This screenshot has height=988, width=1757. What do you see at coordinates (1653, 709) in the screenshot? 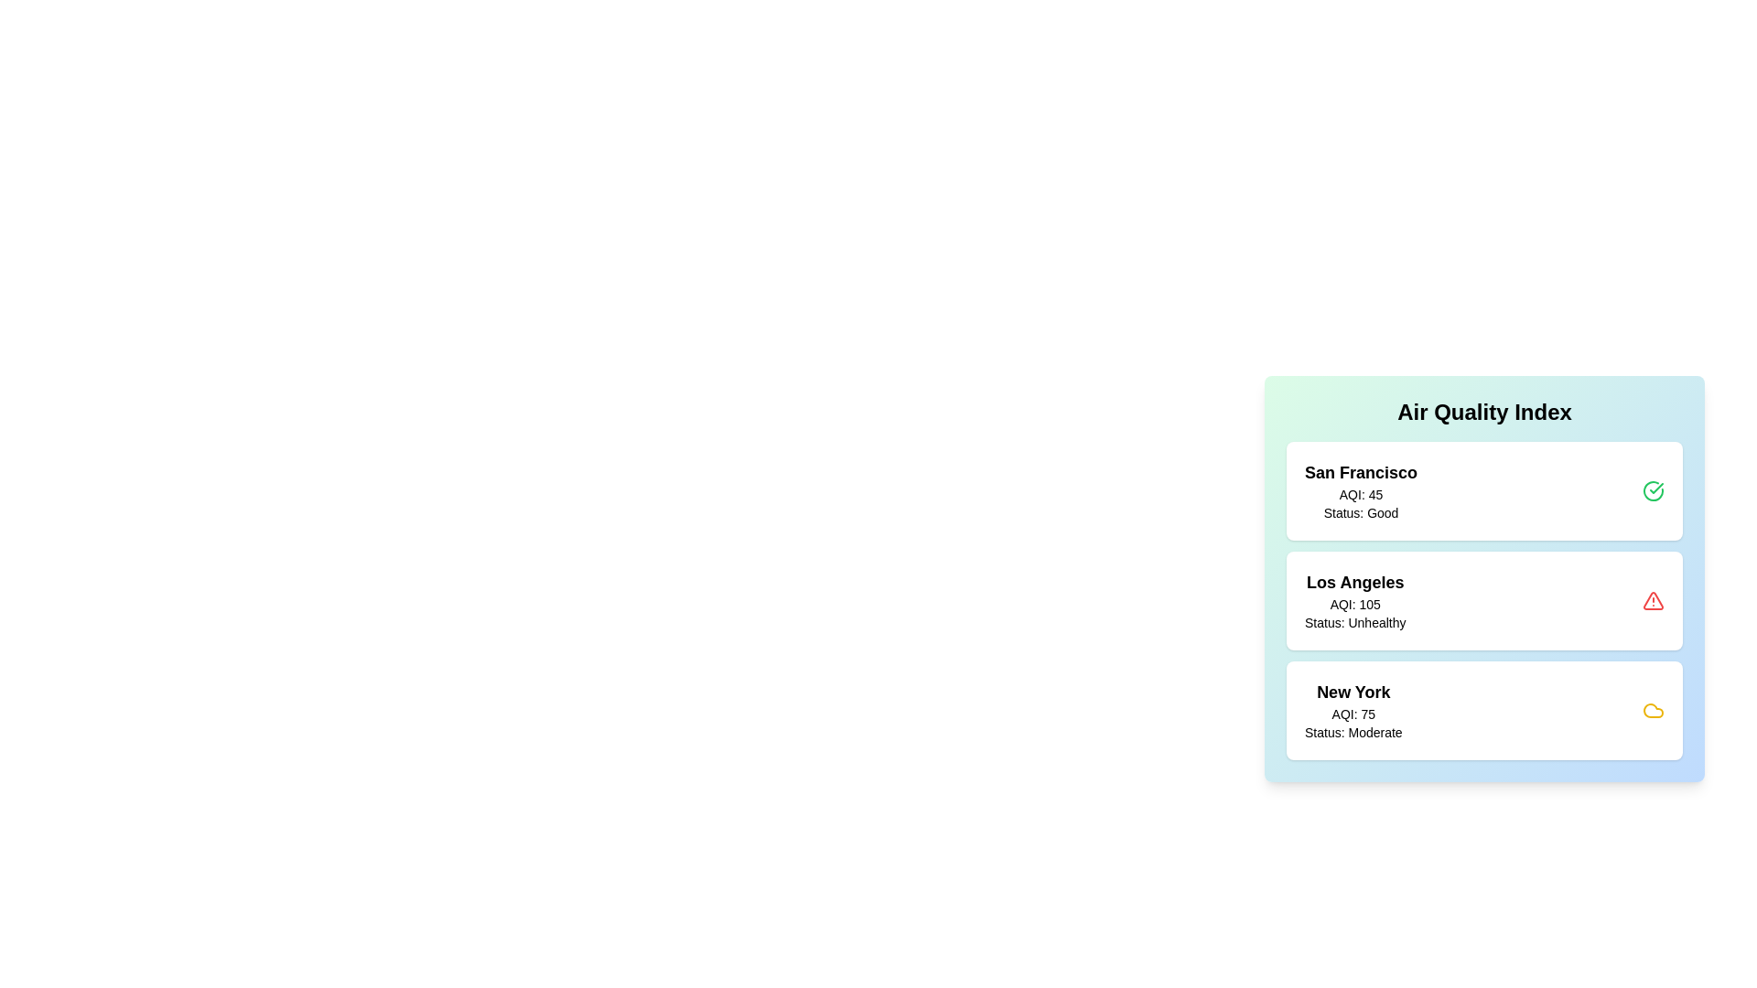
I see `the status icon corresponding to New York` at bounding box center [1653, 709].